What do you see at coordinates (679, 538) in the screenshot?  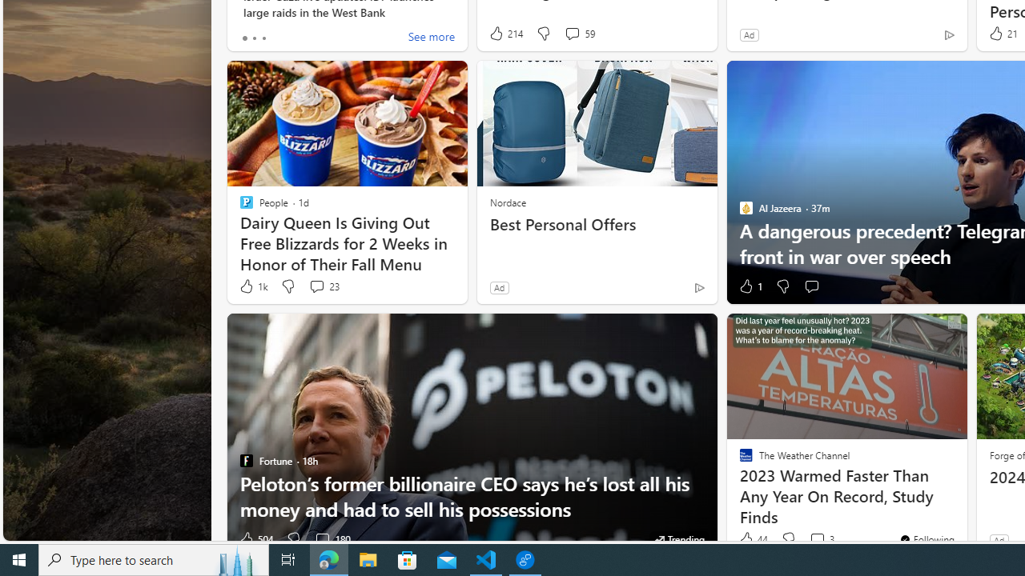 I see `'This story is trending'` at bounding box center [679, 538].